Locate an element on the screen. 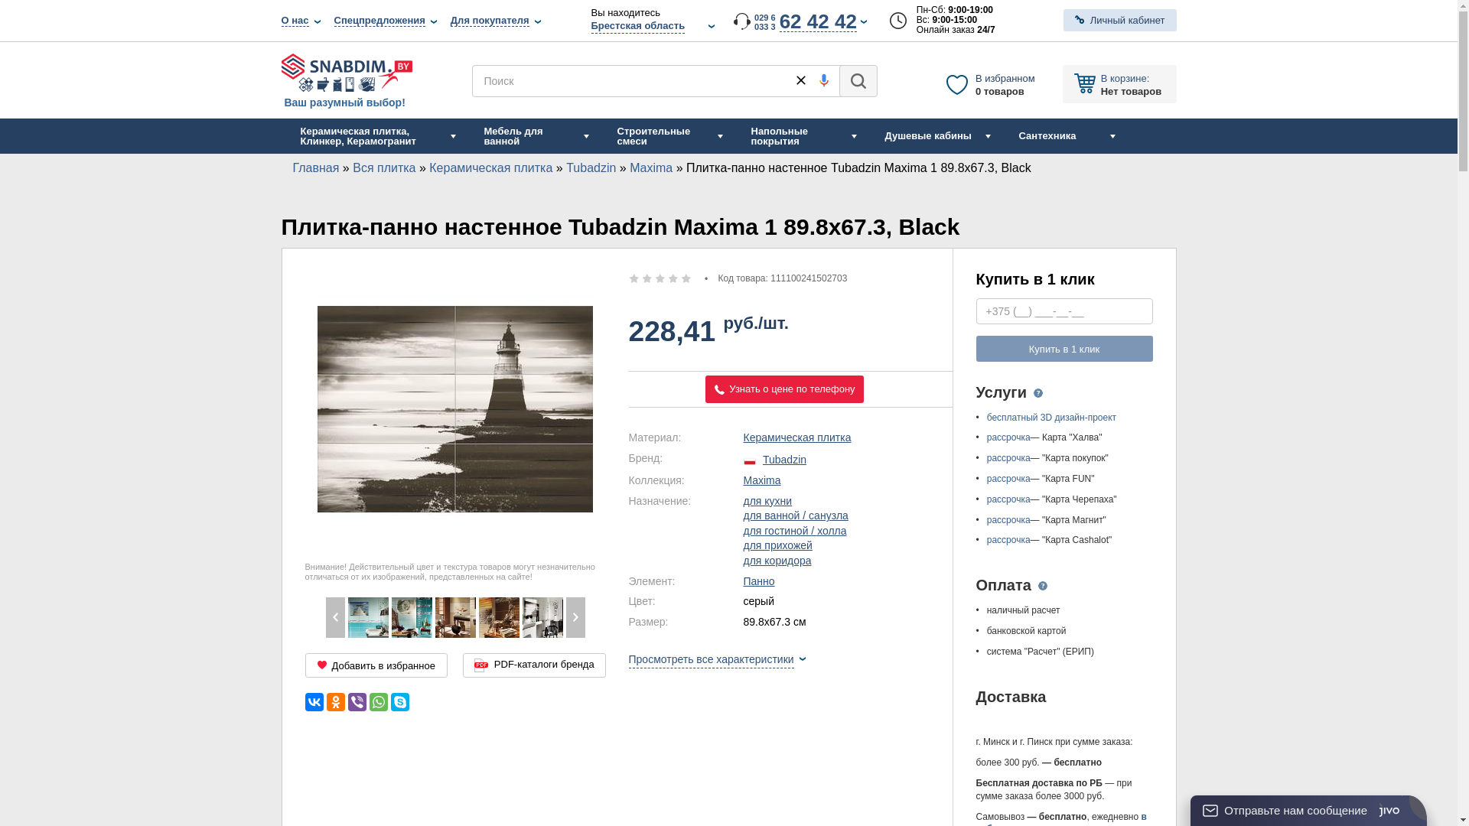 This screenshot has width=1469, height=826. 'Next' is located at coordinates (575, 616).